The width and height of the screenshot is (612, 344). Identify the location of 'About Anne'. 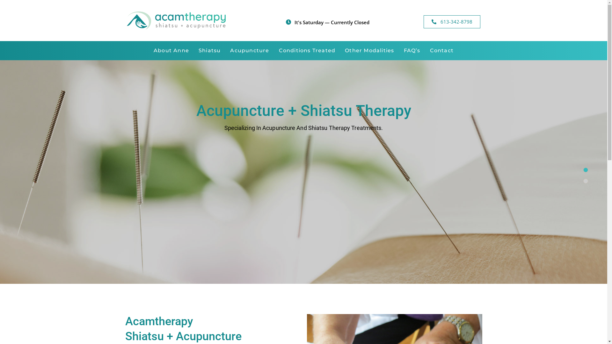
(171, 50).